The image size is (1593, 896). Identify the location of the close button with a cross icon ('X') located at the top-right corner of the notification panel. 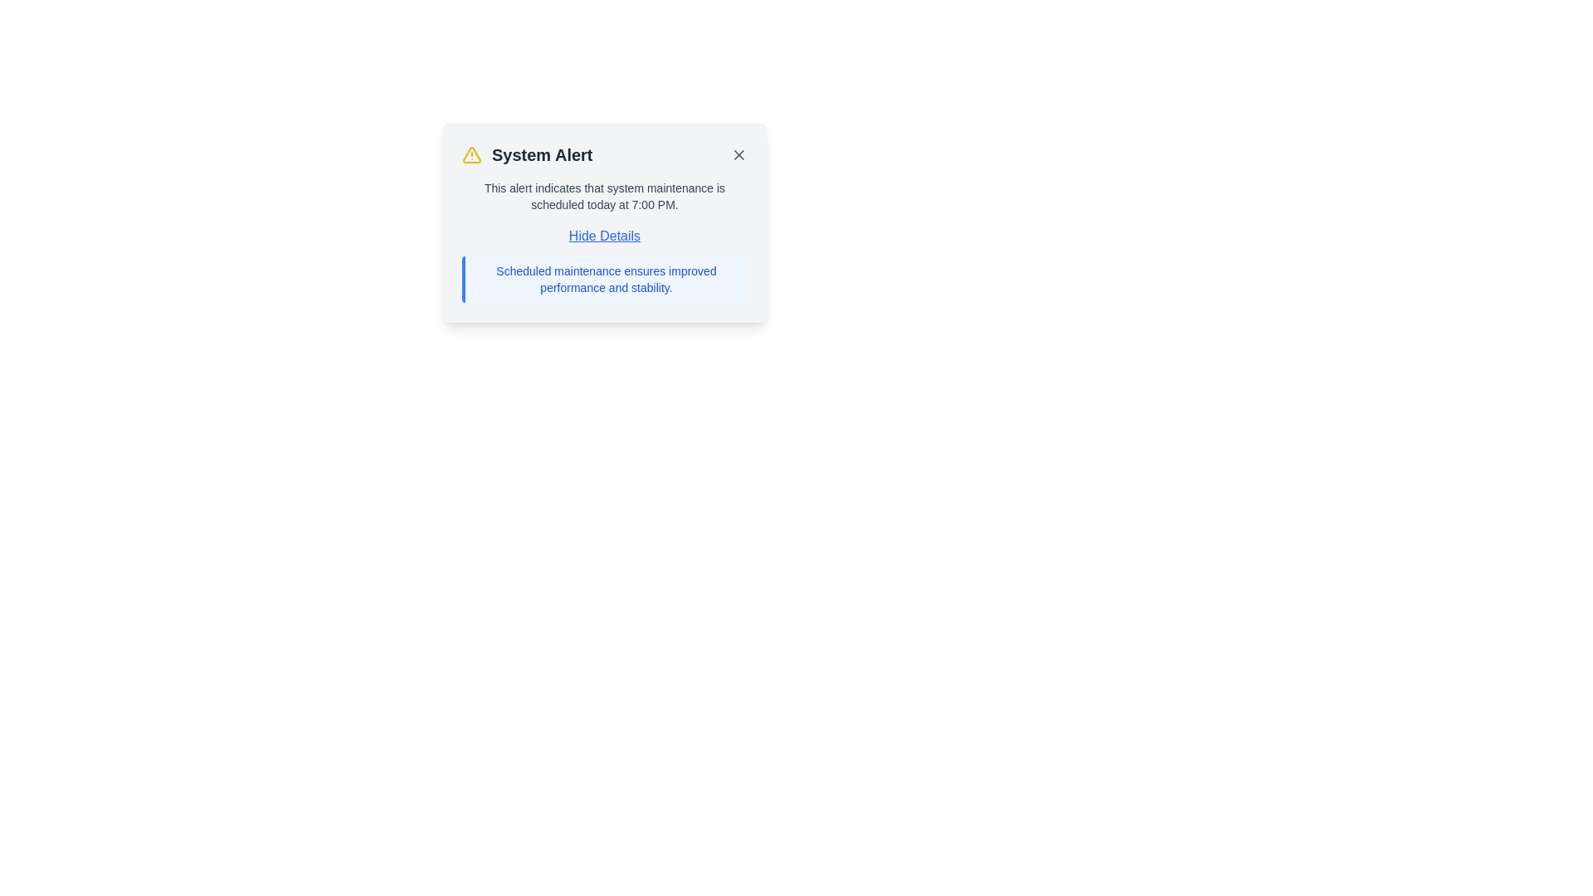
(738, 154).